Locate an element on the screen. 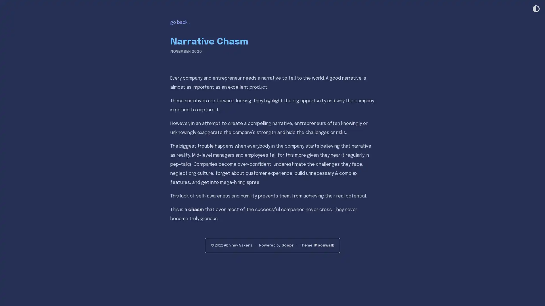 The image size is (545, 306). Toggle Theme is located at coordinates (535, 9).